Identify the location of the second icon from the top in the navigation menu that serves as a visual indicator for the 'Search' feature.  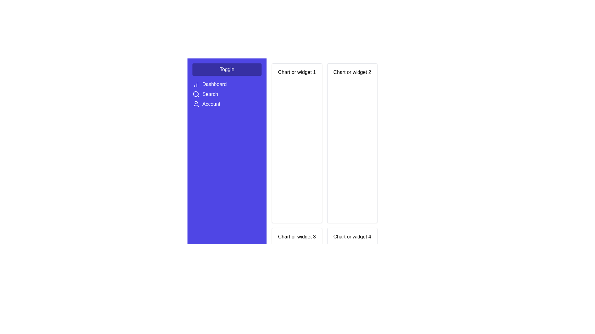
(196, 94).